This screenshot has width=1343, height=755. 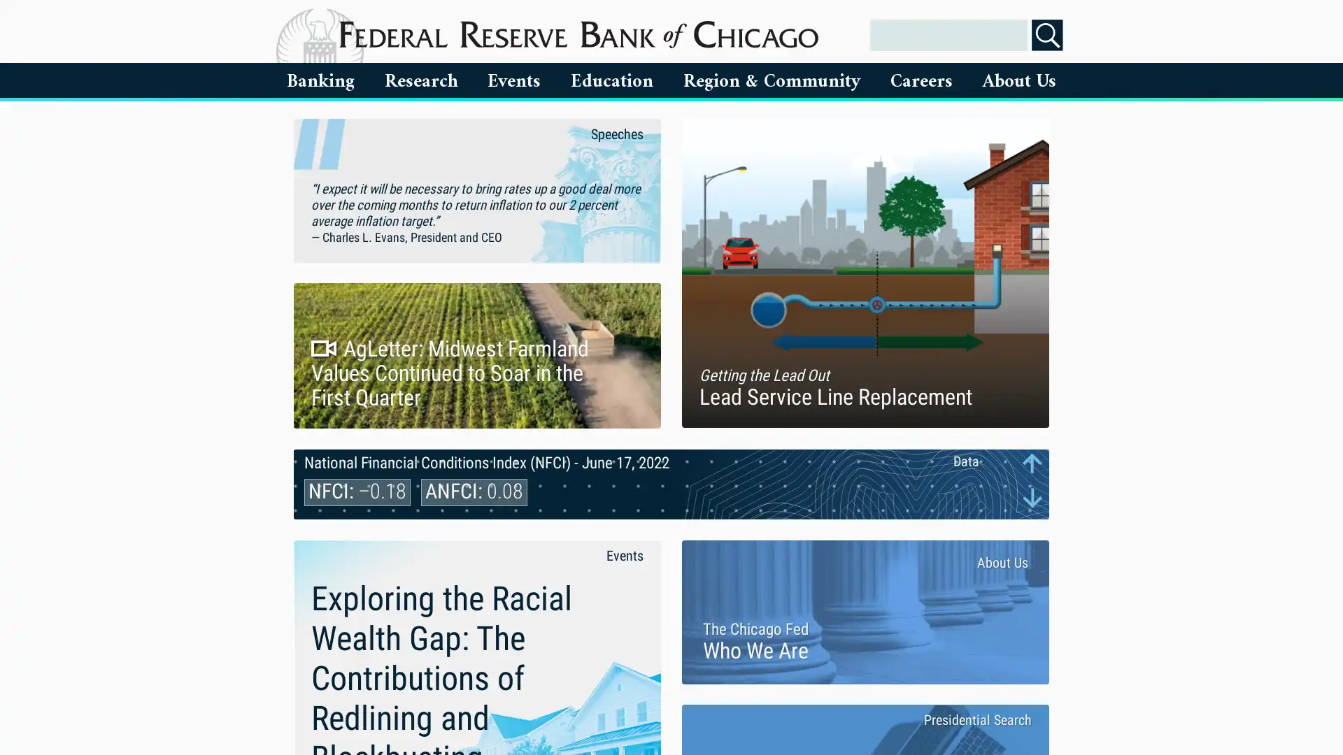 What do you see at coordinates (1032, 463) in the screenshot?
I see `Previous` at bounding box center [1032, 463].